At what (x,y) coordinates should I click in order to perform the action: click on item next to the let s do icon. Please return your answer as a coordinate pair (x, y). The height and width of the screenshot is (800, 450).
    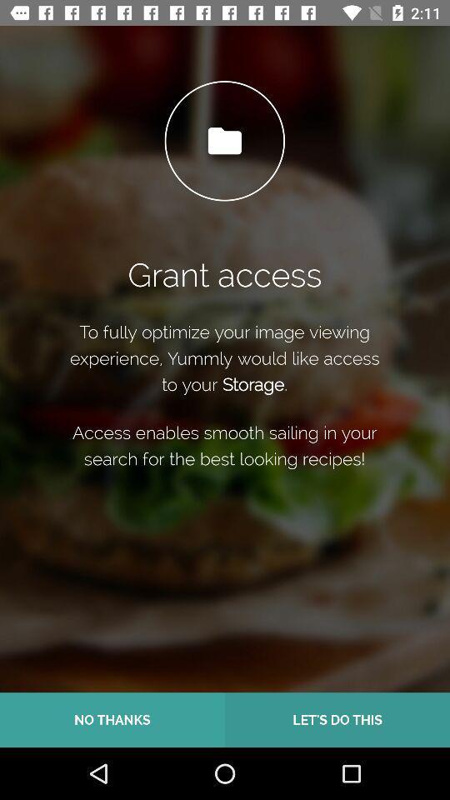
    Looking at the image, I should click on (112, 719).